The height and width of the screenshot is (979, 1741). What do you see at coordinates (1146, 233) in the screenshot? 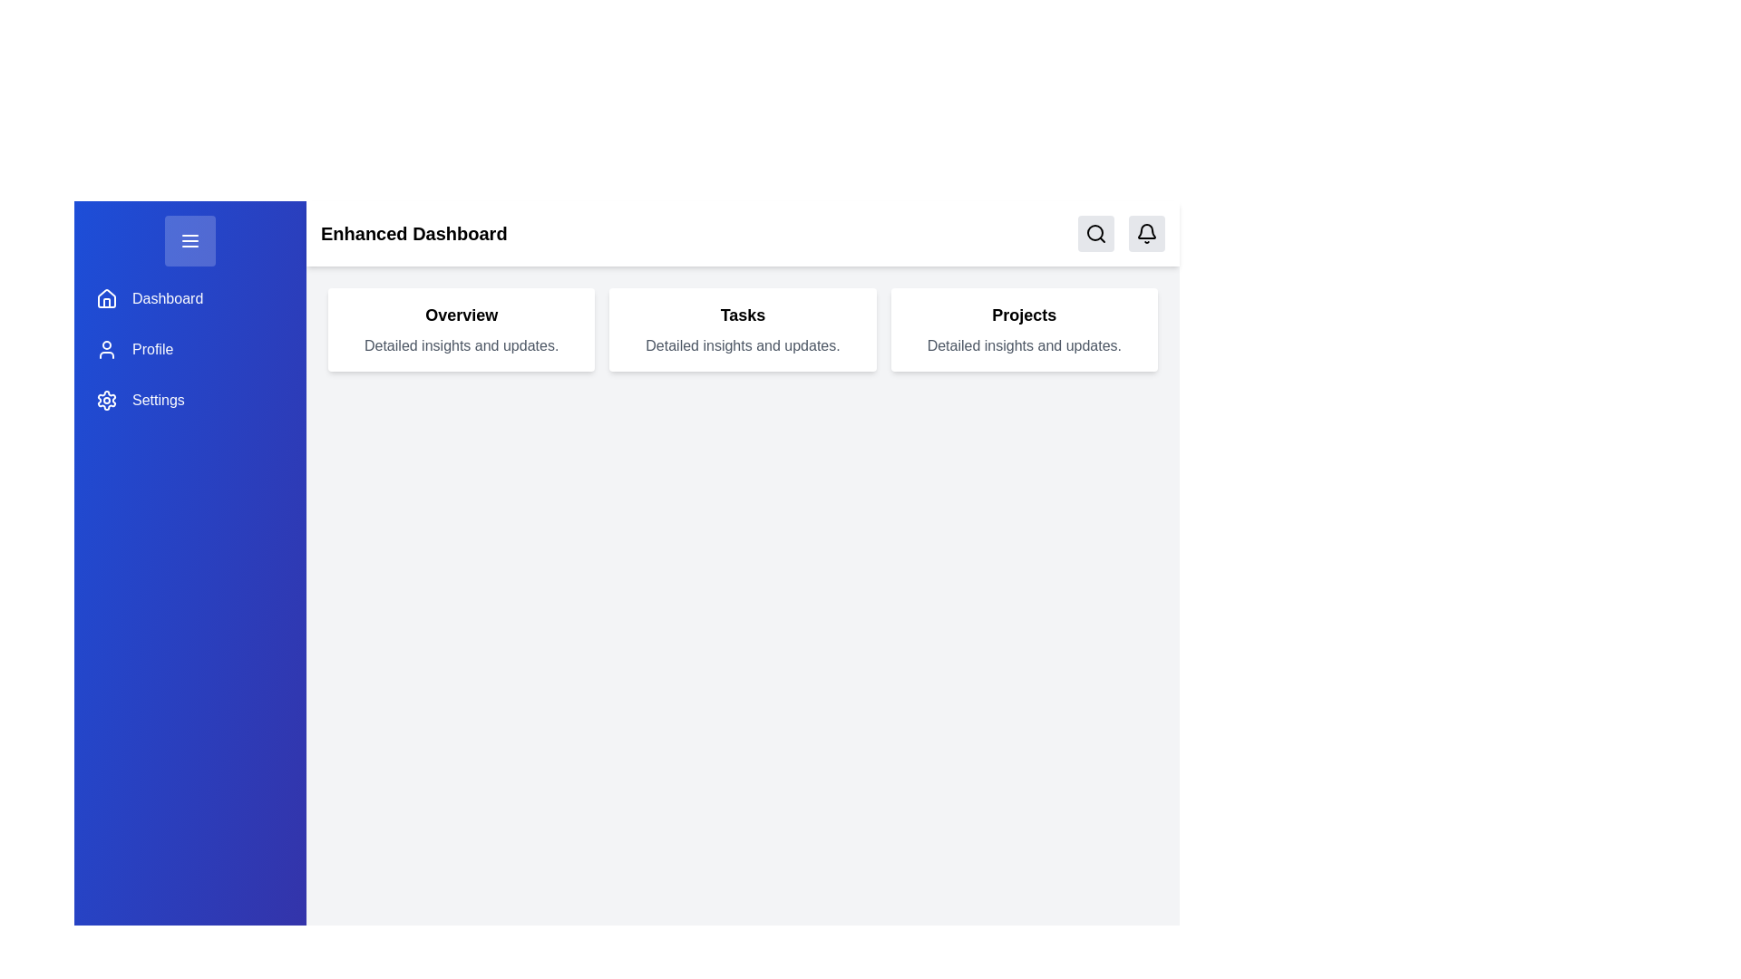
I see `the notification center icon located in the top-right corner of the interface` at bounding box center [1146, 233].